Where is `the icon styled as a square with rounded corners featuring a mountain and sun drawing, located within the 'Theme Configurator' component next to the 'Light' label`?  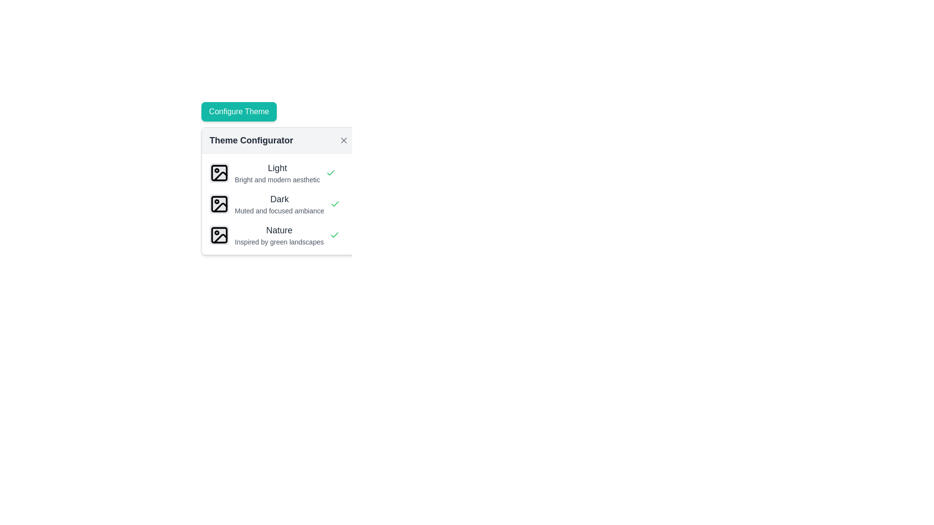
the icon styled as a square with rounded corners featuring a mountain and sun drawing, located within the 'Theme Configurator' component next to the 'Light' label is located at coordinates (218, 172).